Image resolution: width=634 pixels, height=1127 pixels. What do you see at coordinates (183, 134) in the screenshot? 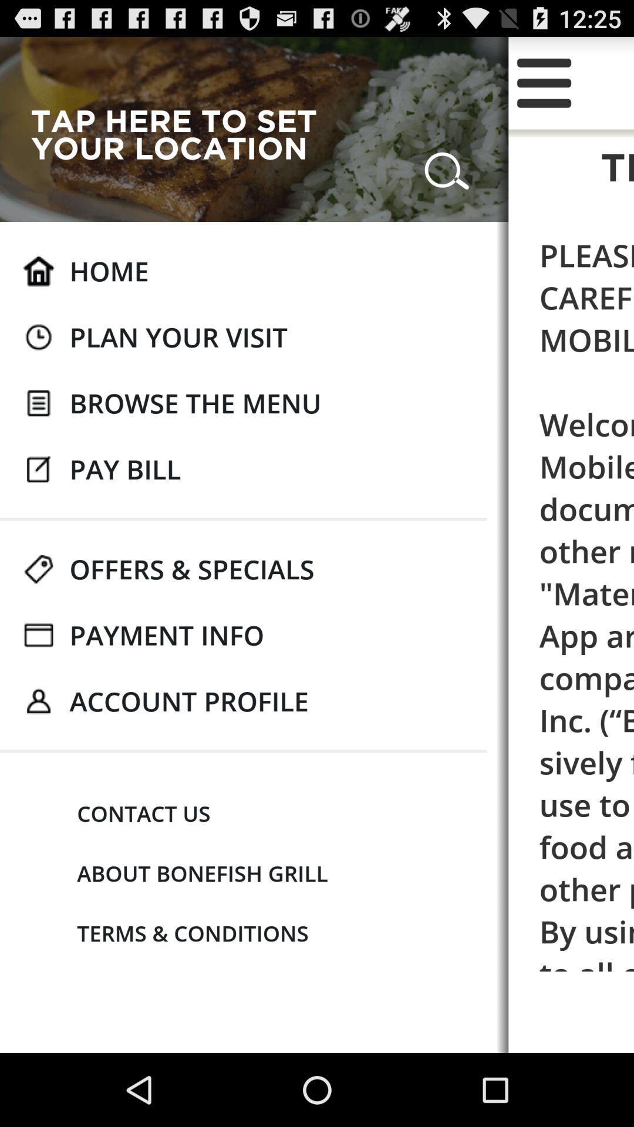
I see `the button next to t item` at bounding box center [183, 134].